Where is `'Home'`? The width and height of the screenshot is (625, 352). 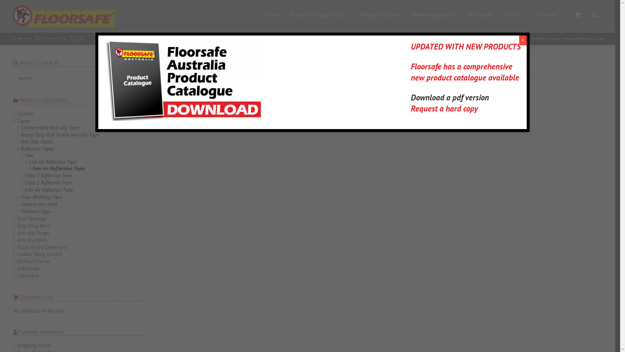 'Home' is located at coordinates (271, 15).